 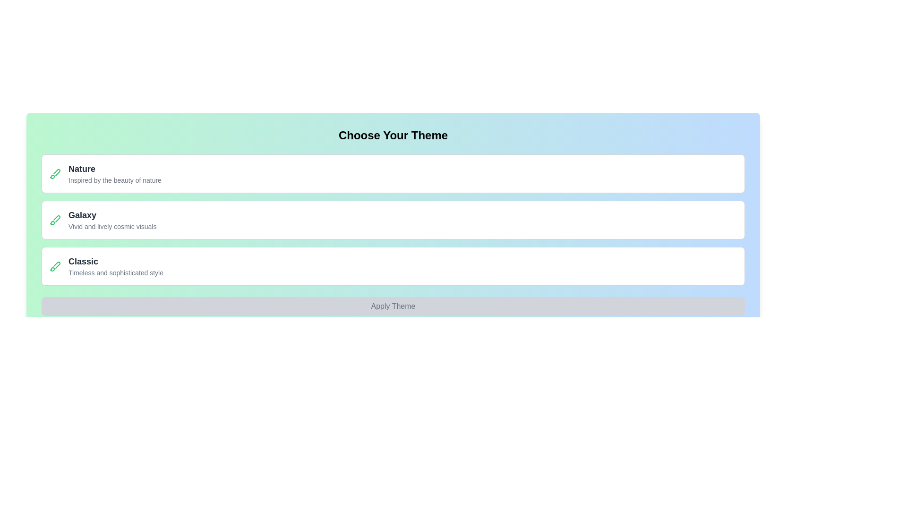 I want to click on the selectable theme option titled 'Classic', which is the third item in the list of theme options, positioned between 'Galaxy' and 'Apply Theme', so click(x=393, y=266).